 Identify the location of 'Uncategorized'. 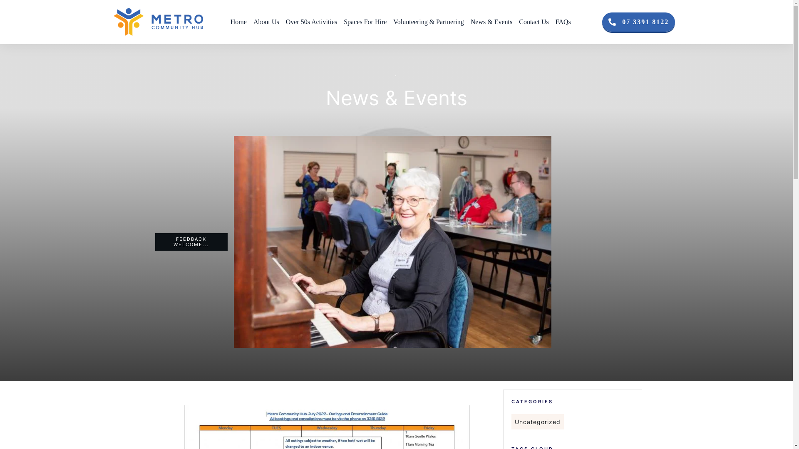
(537, 422).